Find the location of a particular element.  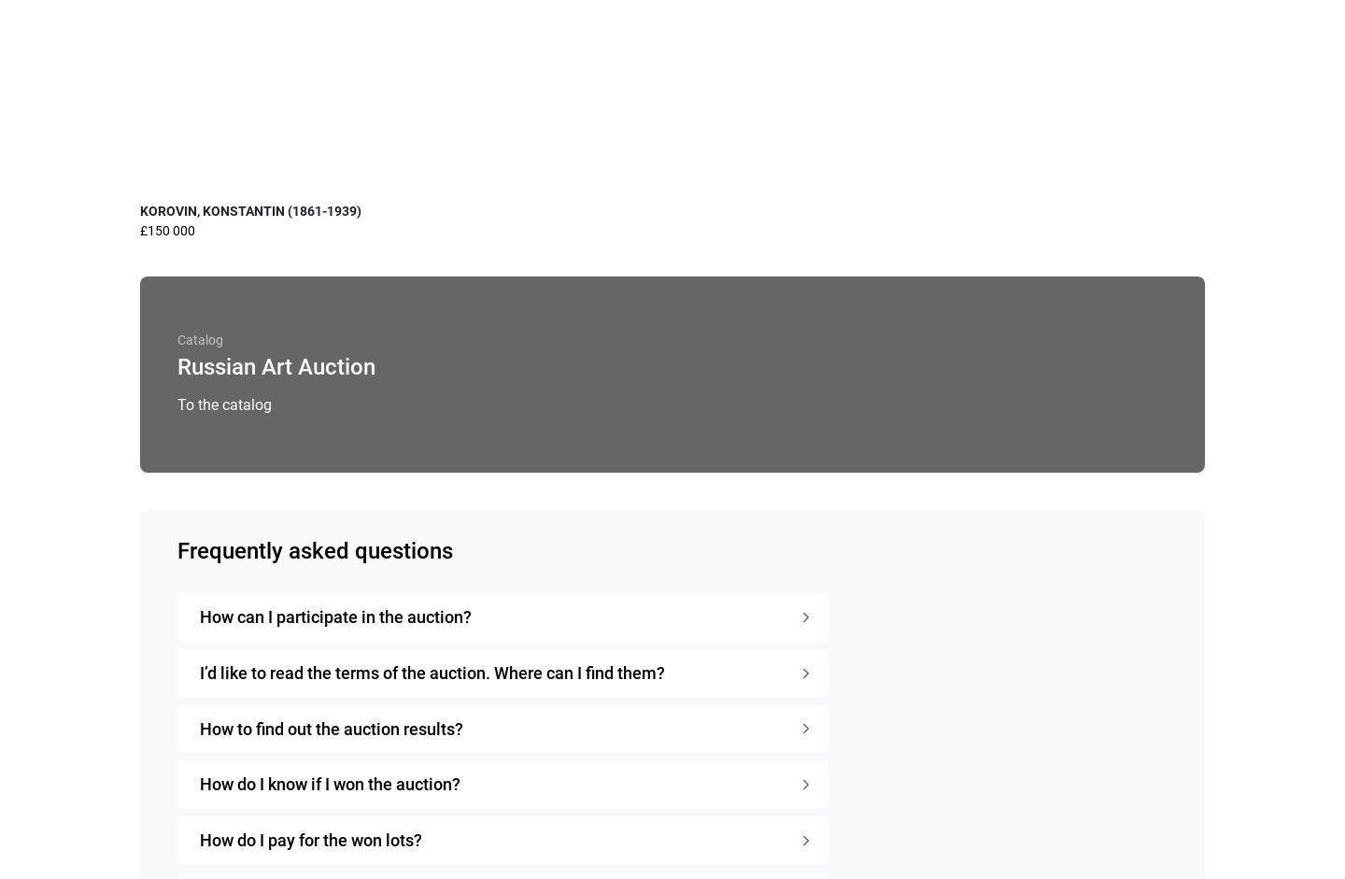

'£1 500' is located at coordinates (1204, 230).